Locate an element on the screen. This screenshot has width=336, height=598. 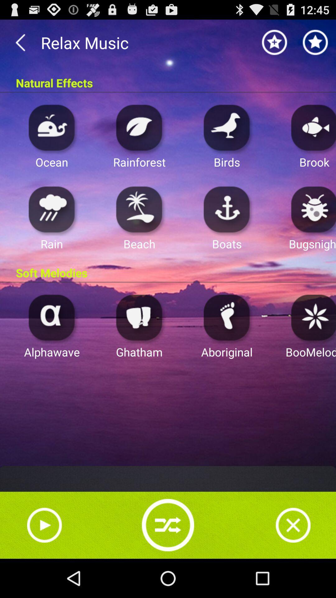
open ghatham is located at coordinates (139, 317).